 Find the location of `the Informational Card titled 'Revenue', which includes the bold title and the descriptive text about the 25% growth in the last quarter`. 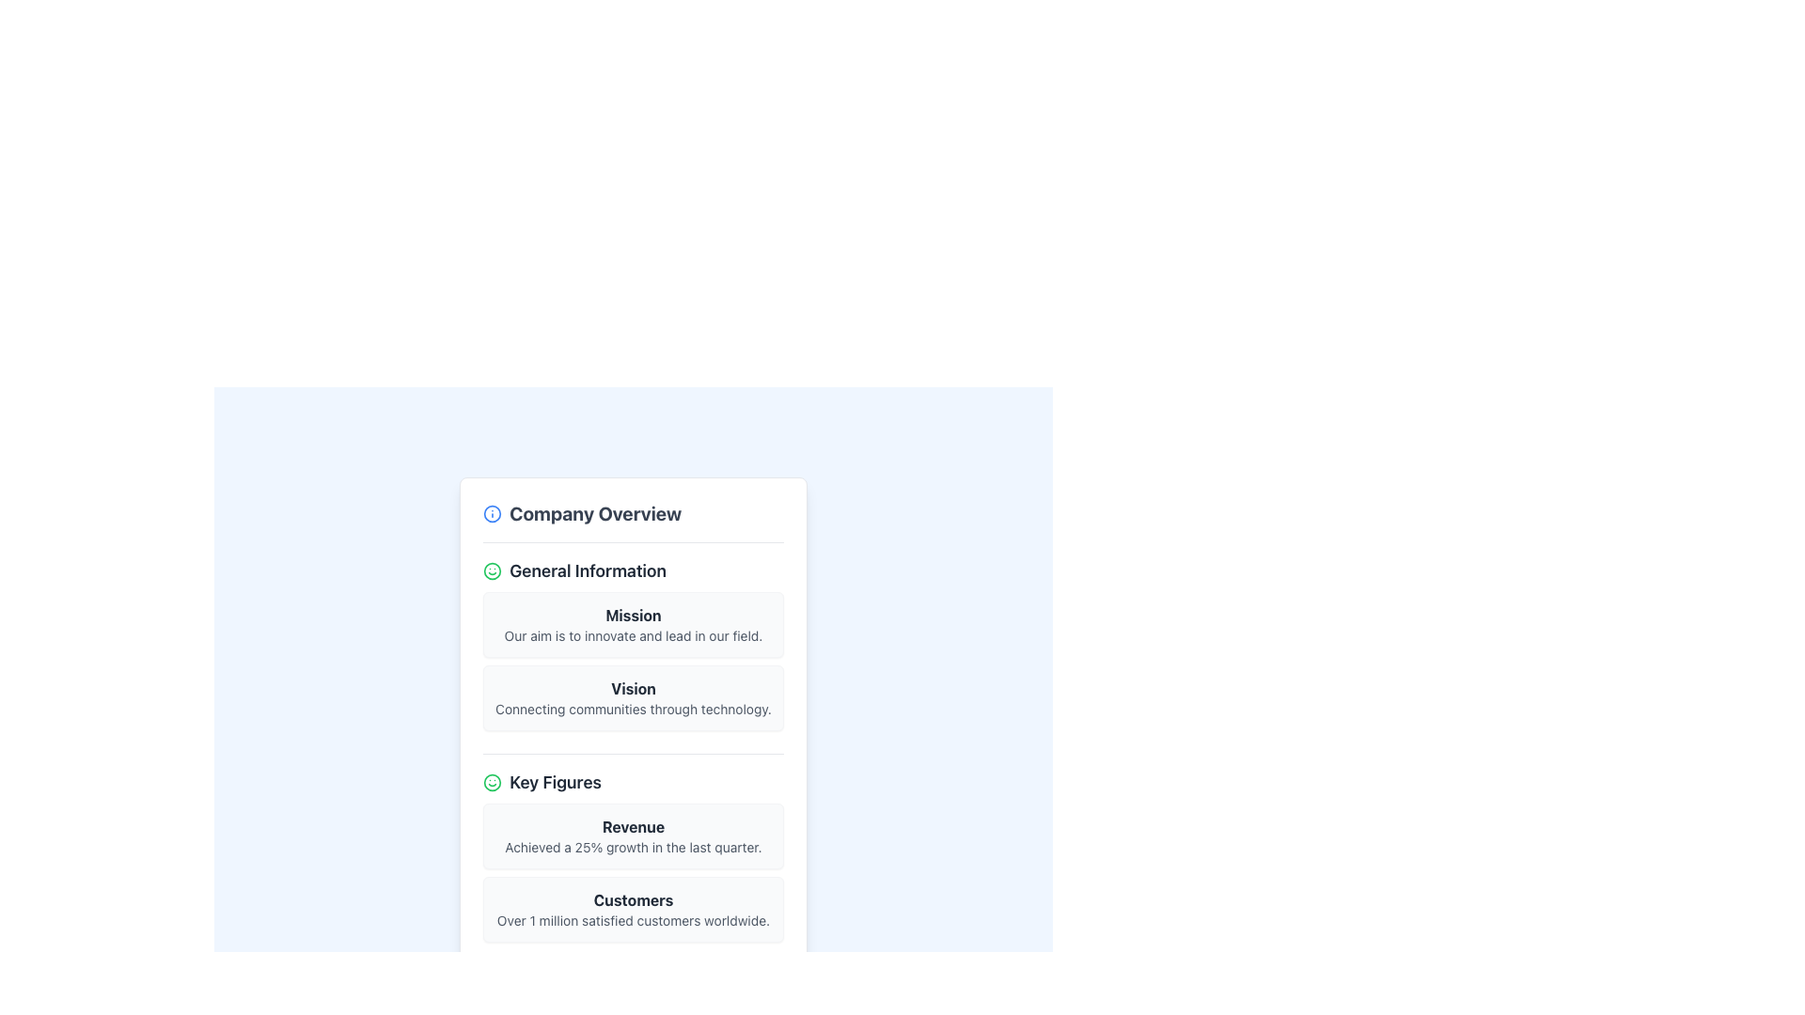

the Informational Card titled 'Revenue', which includes the bold title and the descriptive text about the 25% growth in the last quarter is located at coordinates (633, 835).